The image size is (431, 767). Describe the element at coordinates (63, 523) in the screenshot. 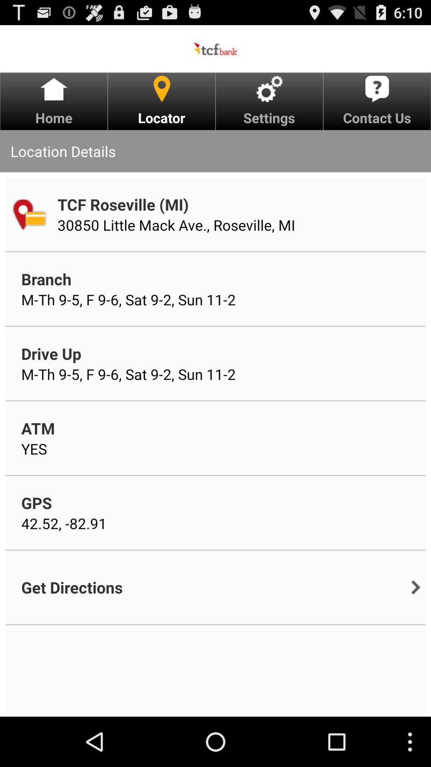

I see `42 52 82 item` at that location.